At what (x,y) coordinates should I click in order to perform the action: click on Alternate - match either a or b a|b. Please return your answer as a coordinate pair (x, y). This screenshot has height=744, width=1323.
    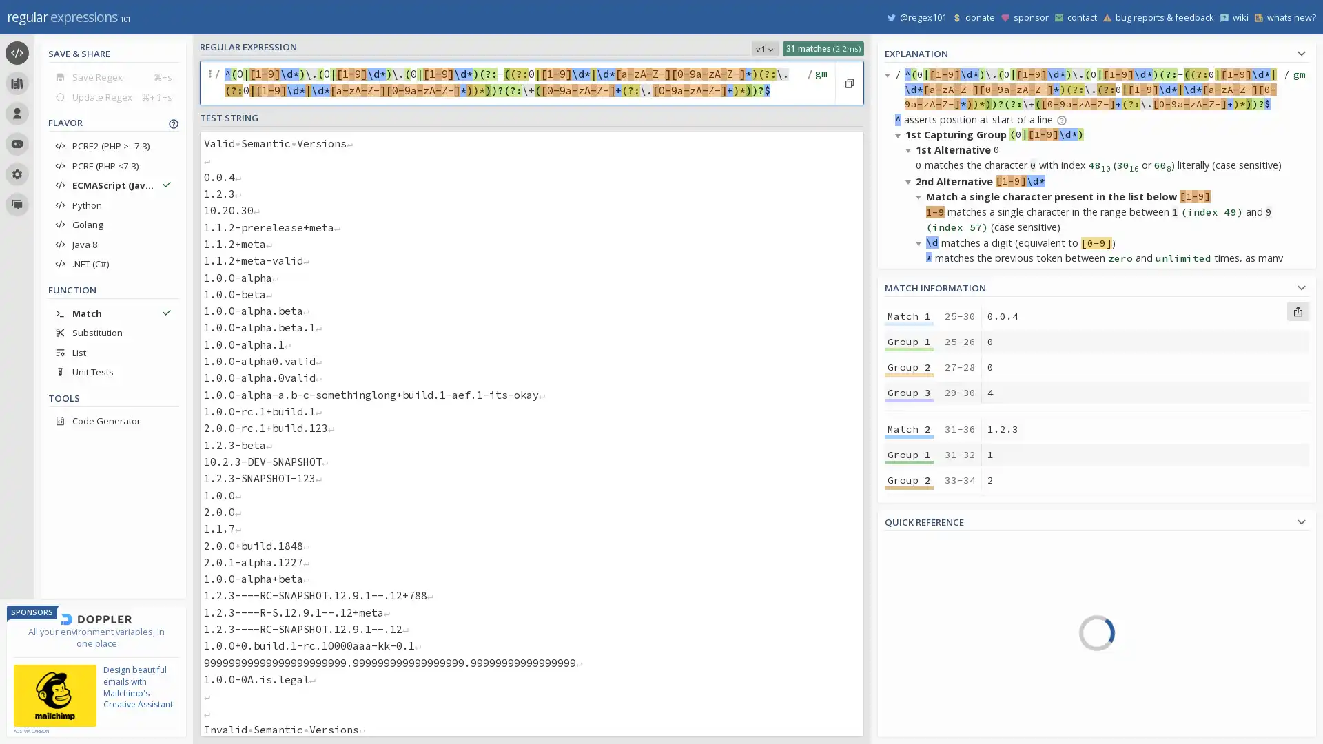
    Looking at the image, I should click on (1165, 663).